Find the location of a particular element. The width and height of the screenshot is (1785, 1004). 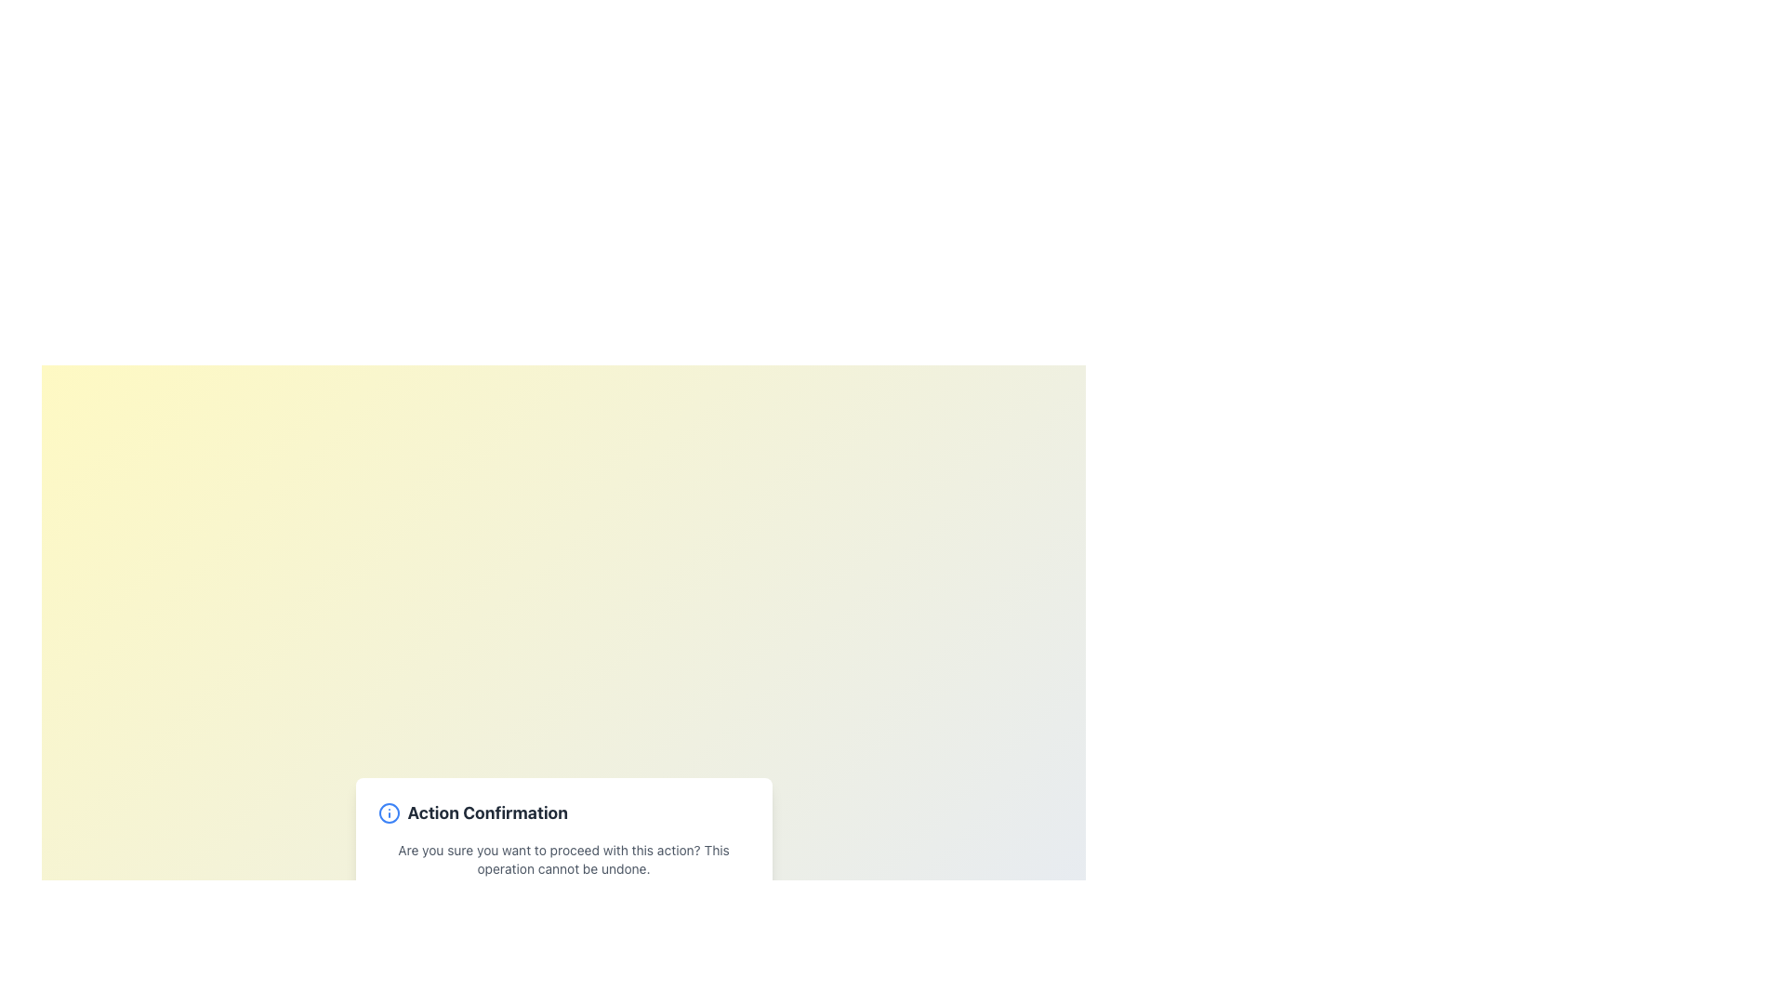

the 'Action Confirmation' label with icon, which is centrally located at the top of the modal dialog box is located at coordinates (562, 812).